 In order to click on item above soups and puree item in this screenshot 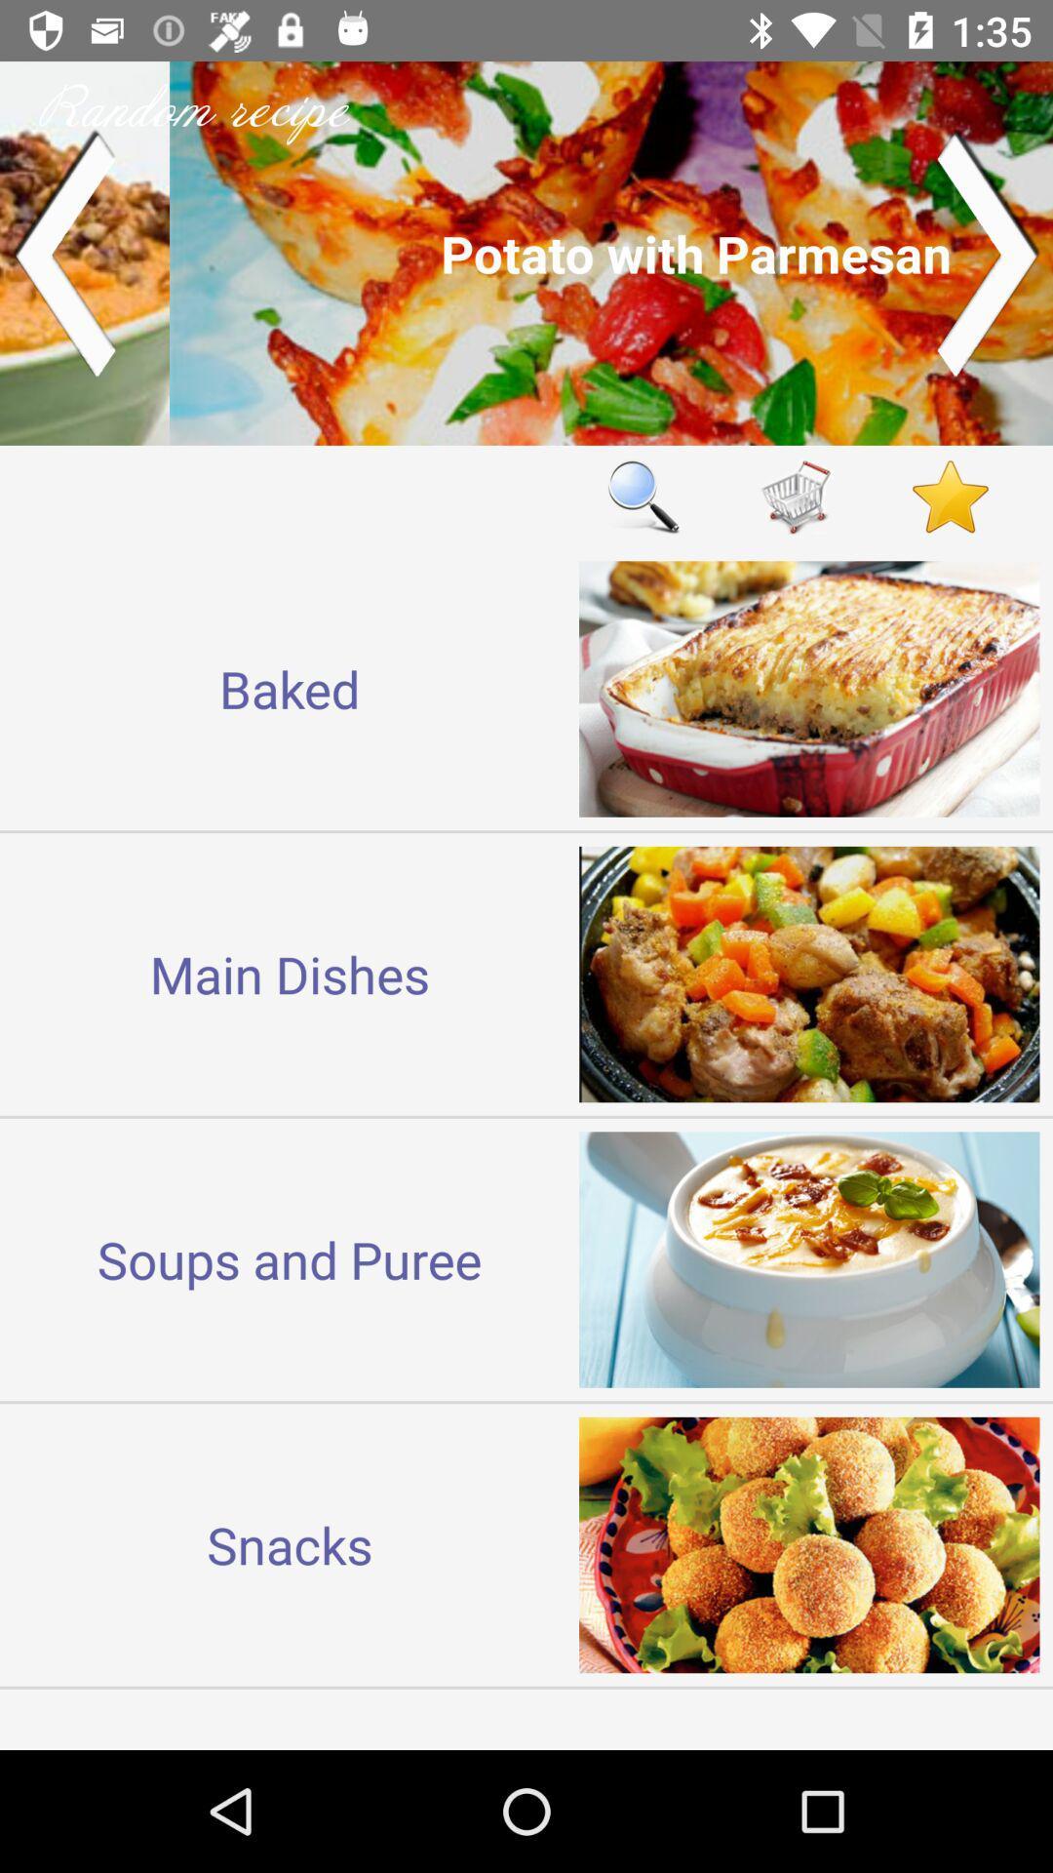, I will do `click(290, 974)`.